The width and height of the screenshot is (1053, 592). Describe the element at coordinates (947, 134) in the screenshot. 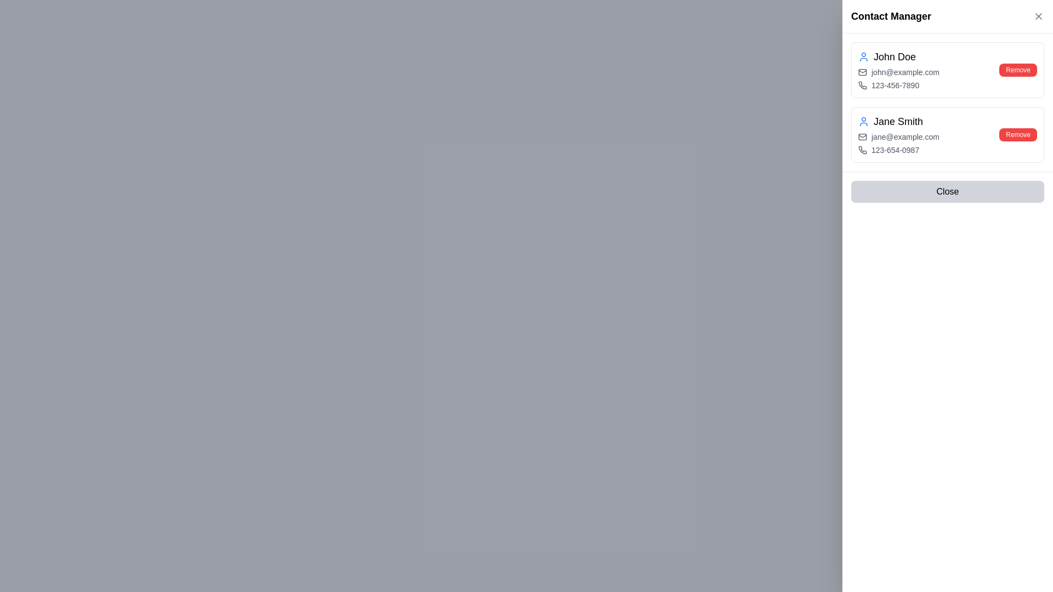

I see `the second contact card containing a person's name, email, phone number, and a red 'Remove' button, located in the contact manager interface` at that location.